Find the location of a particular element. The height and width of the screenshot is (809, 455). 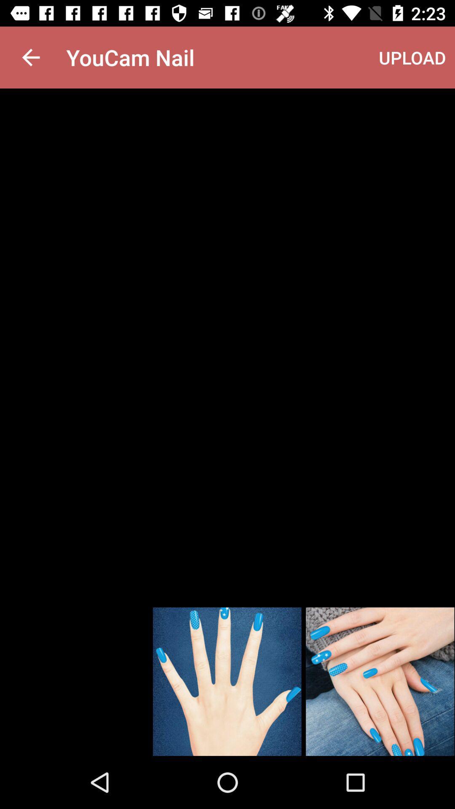

this pic for upload is located at coordinates (380, 681).